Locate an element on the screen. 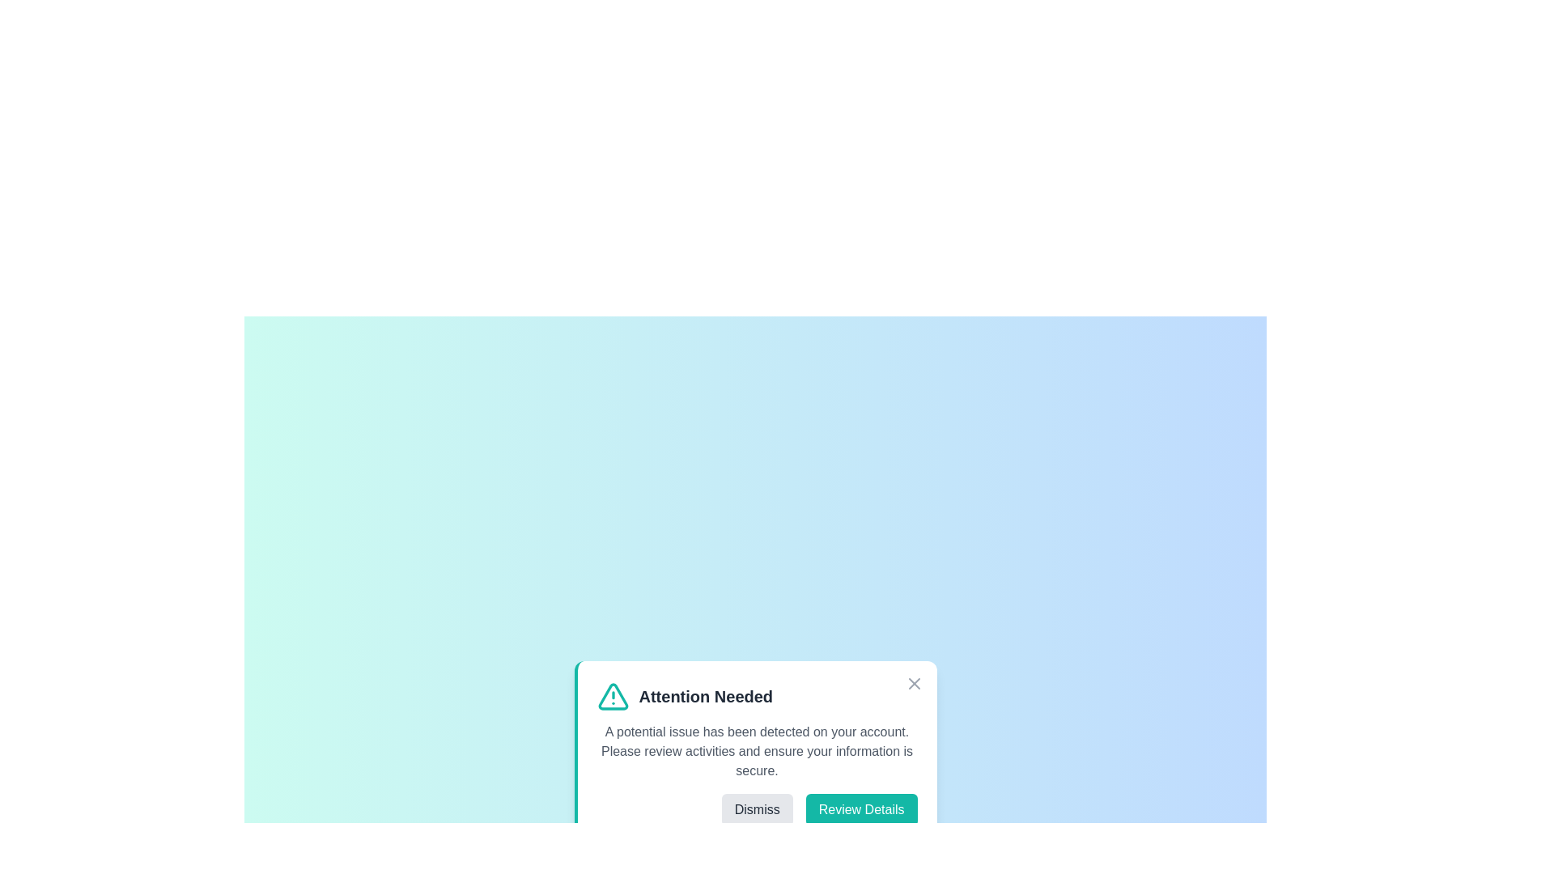 Image resolution: width=1554 pixels, height=874 pixels. the 'Dismiss' button to acknowledge the alert is located at coordinates (756, 810).